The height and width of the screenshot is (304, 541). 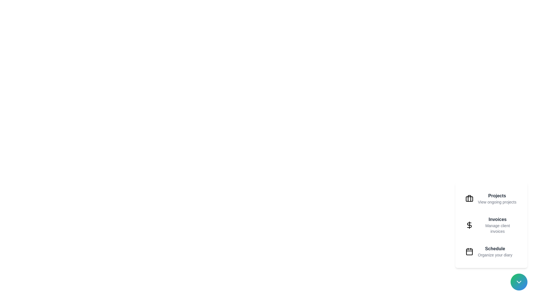 I want to click on the menu item corresponding to Schedule to navigate, so click(x=491, y=251).